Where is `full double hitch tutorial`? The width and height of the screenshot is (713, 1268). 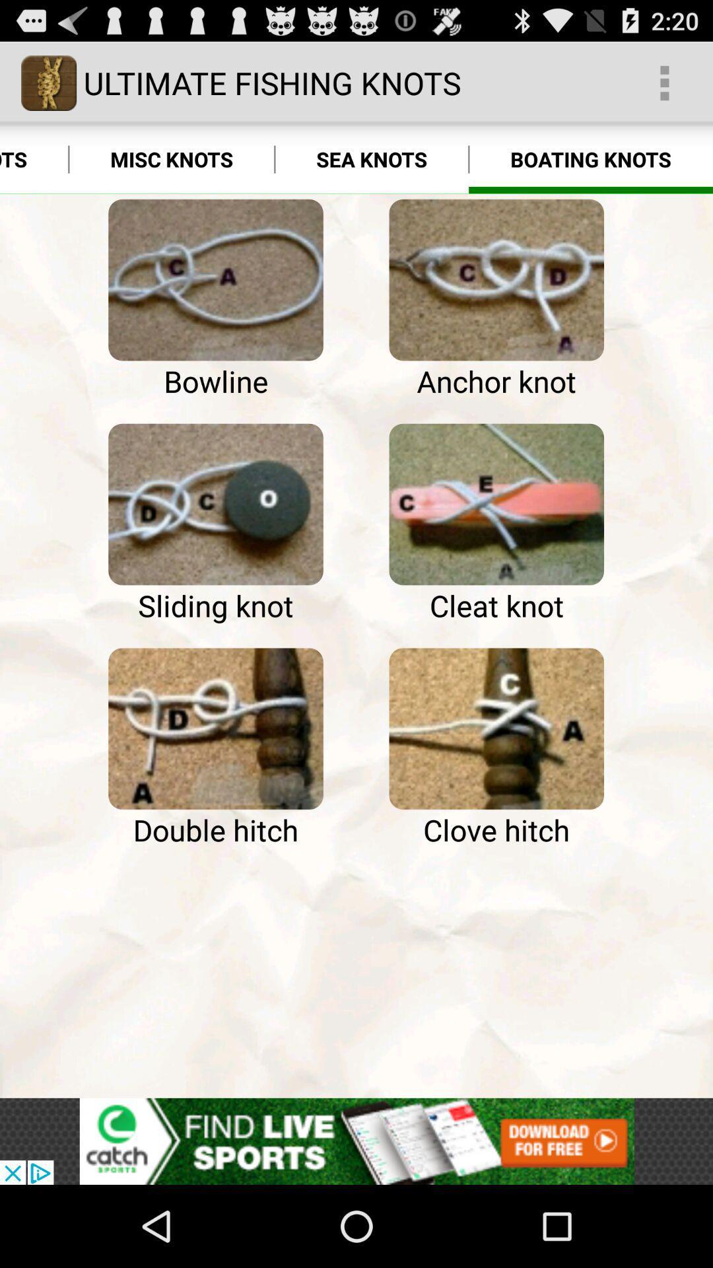
full double hitch tutorial is located at coordinates (215, 728).